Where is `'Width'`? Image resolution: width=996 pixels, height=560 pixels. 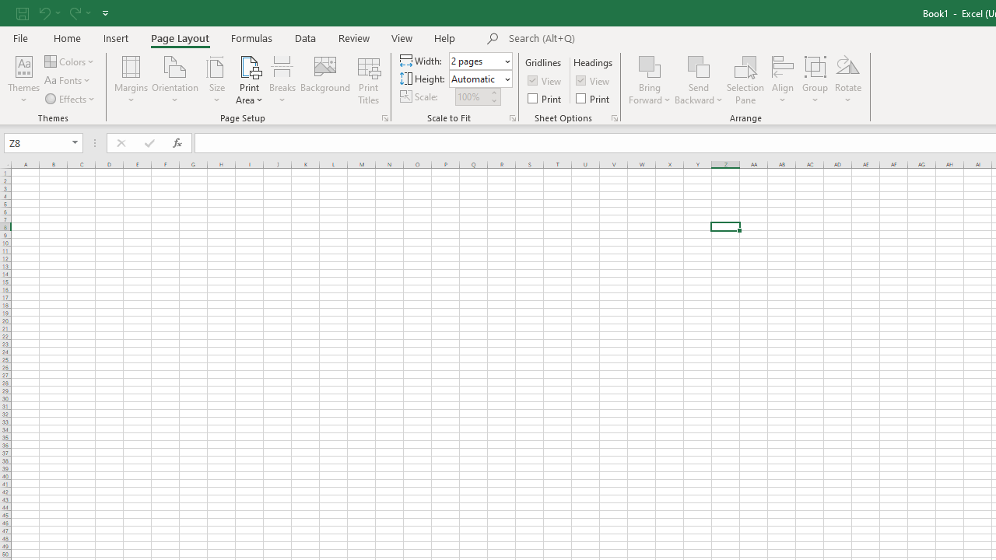 'Width' is located at coordinates (475, 60).